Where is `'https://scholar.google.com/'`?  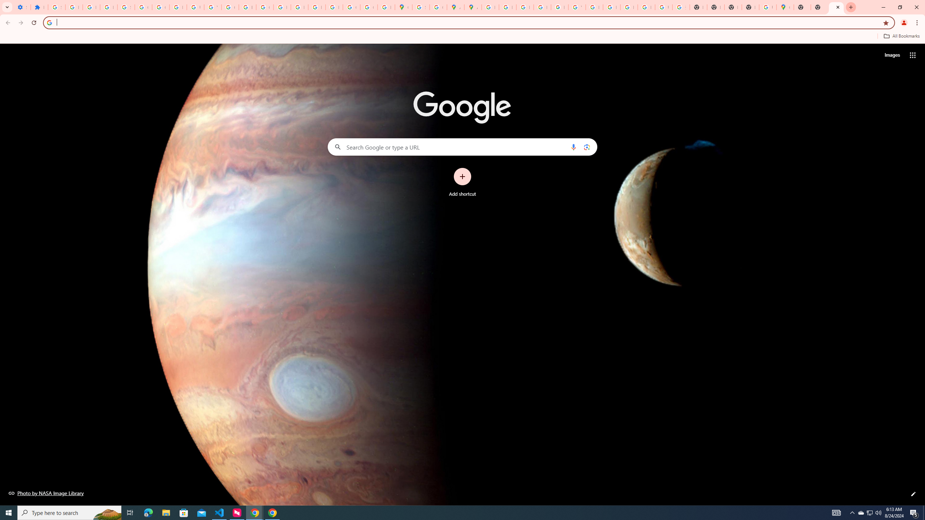 'https://scholar.google.com/' is located at coordinates (247, 7).